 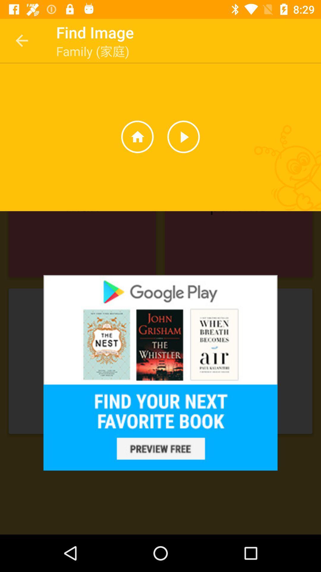 I want to click on the home icon, so click(x=137, y=136).